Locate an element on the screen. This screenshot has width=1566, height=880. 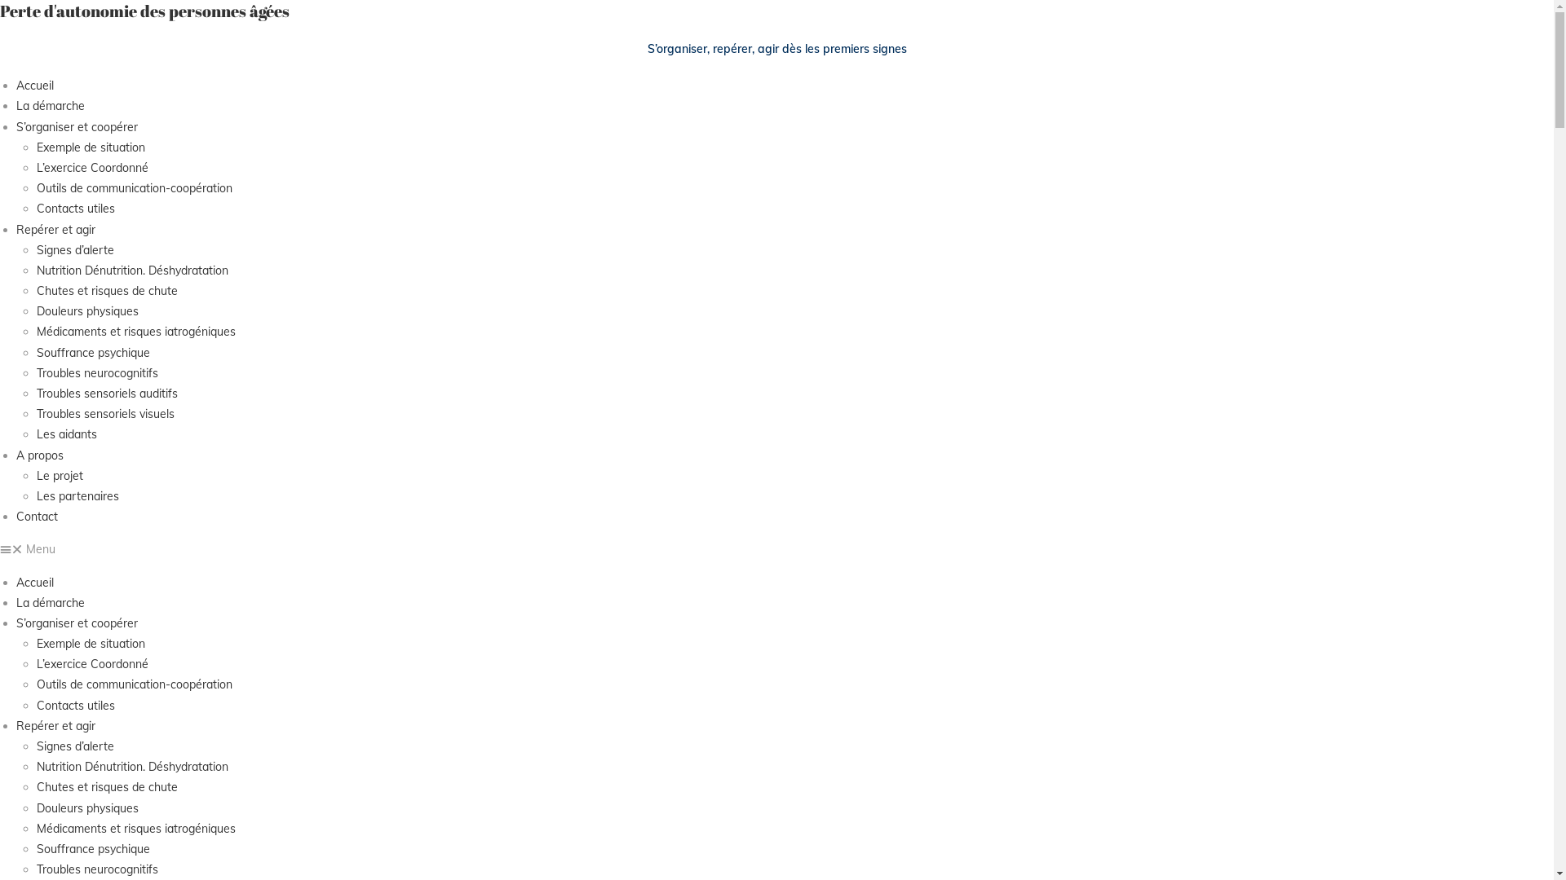
'Accueil' is located at coordinates (35, 581).